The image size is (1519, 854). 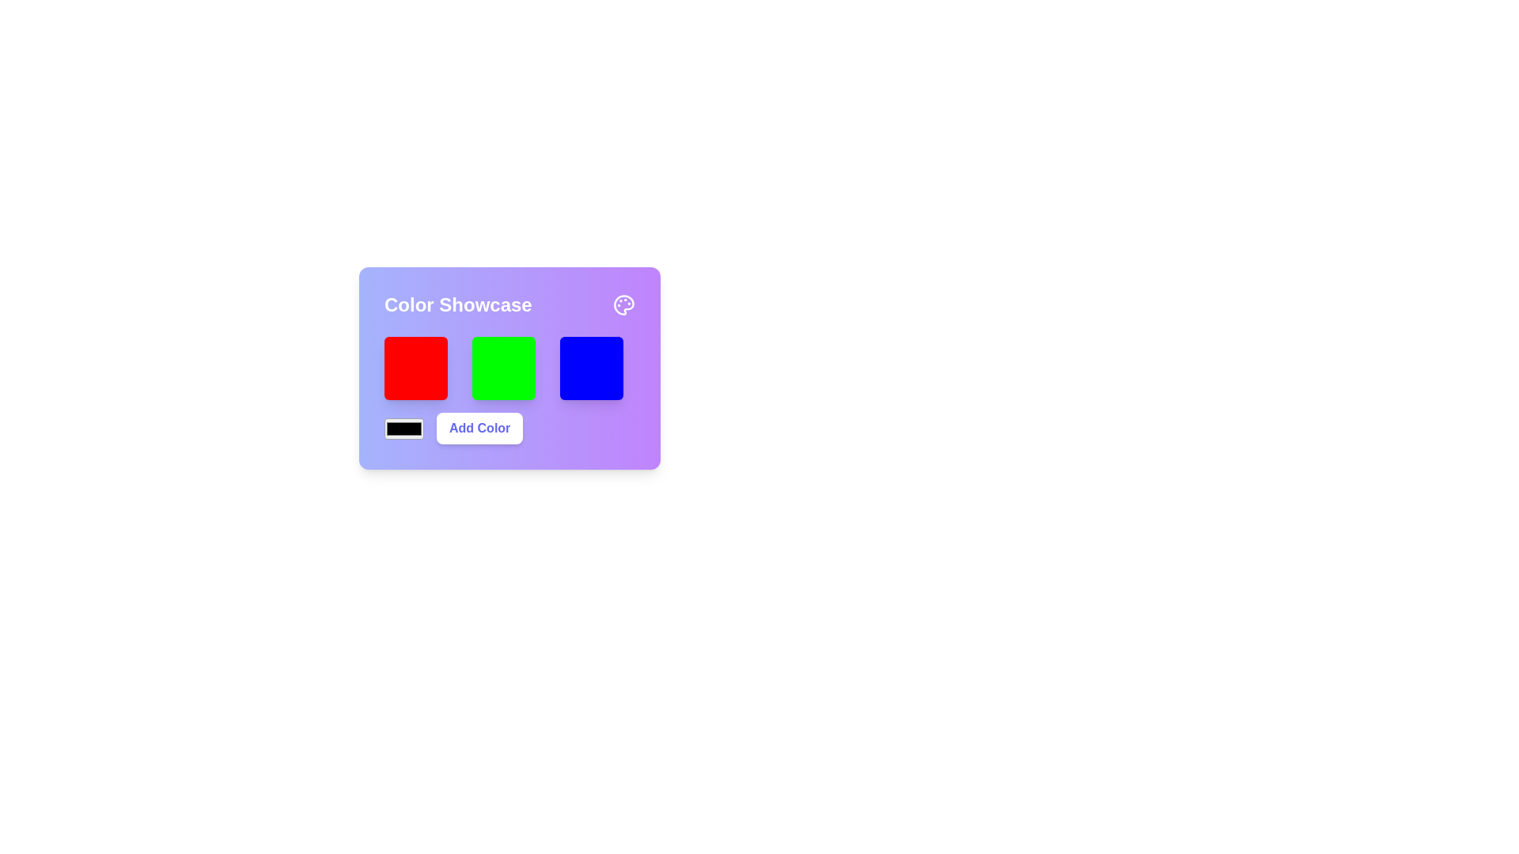 I want to click on the decorative icon located in the top-right corner of the purple card labeled 'Color Showcase', which represents color or palette-related functionality, so click(x=623, y=304).